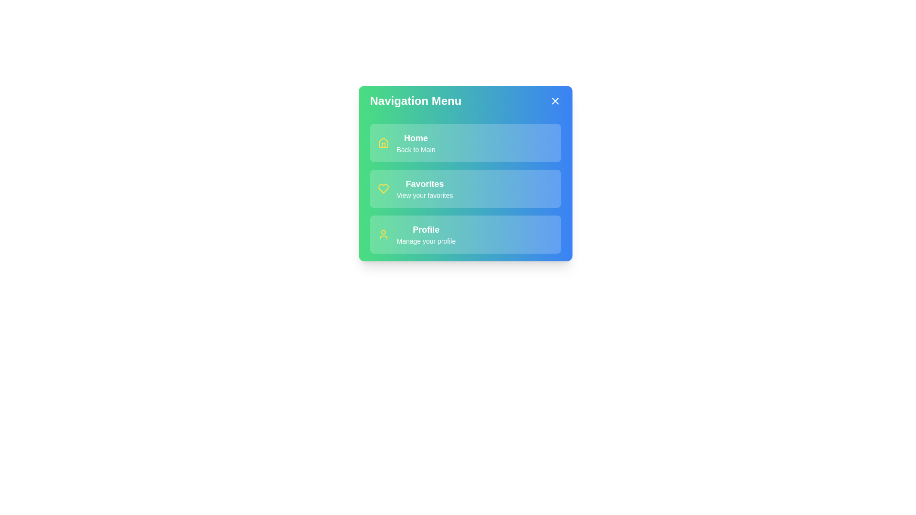 The image size is (916, 515). Describe the element at coordinates (465, 143) in the screenshot. I see `the menu item Home` at that location.